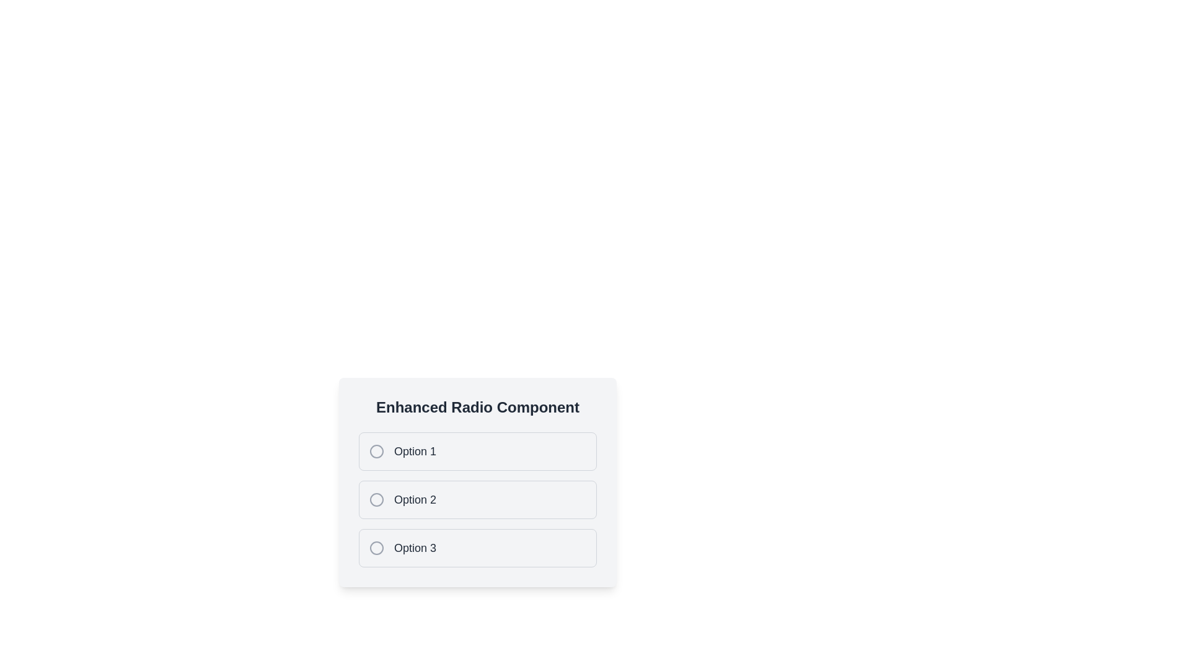 The width and height of the screenshot is (1190, 669). I want to click on the Radio button indicator for 'Option 2', which is located on the left side of the row adjacent to the text 'Option 2', so click(376, 499).